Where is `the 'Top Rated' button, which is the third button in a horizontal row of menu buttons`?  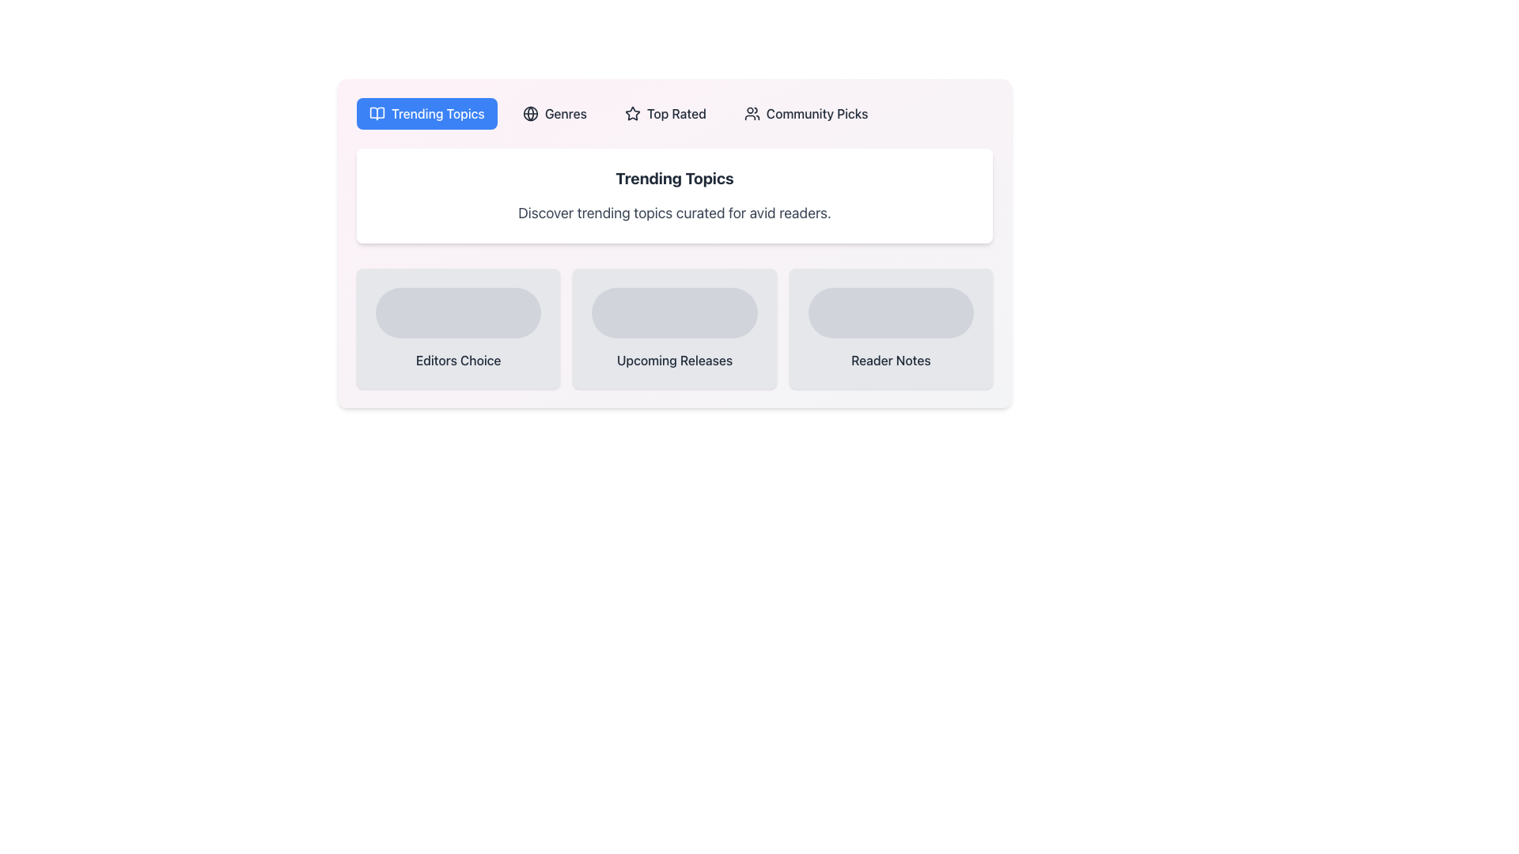
the 'Top Rated' button, which is the third button in a horizontal row of menu buttons is located at coordinates (665, 112).